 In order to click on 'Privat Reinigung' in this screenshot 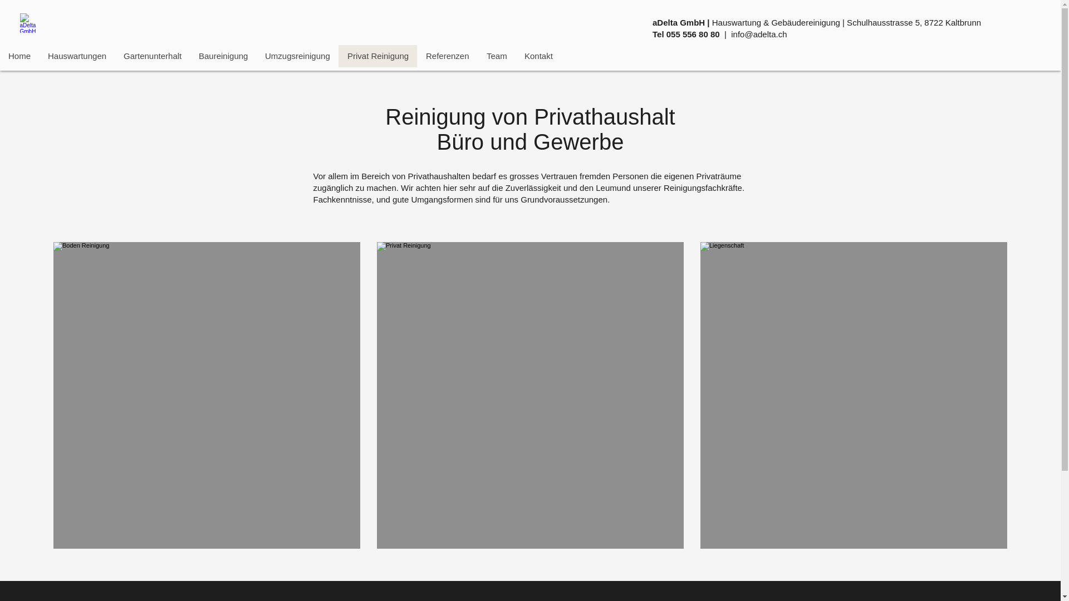, I will do `click(338, 56)`.